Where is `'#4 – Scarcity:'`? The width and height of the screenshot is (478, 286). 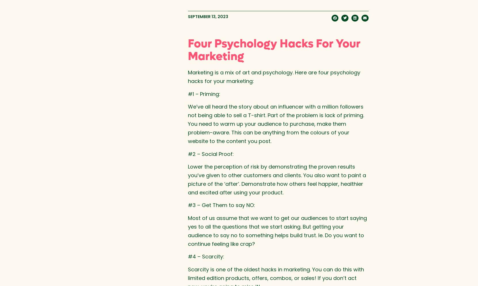
'#4 – Scarcity:' is located at coordinates (206, 256).